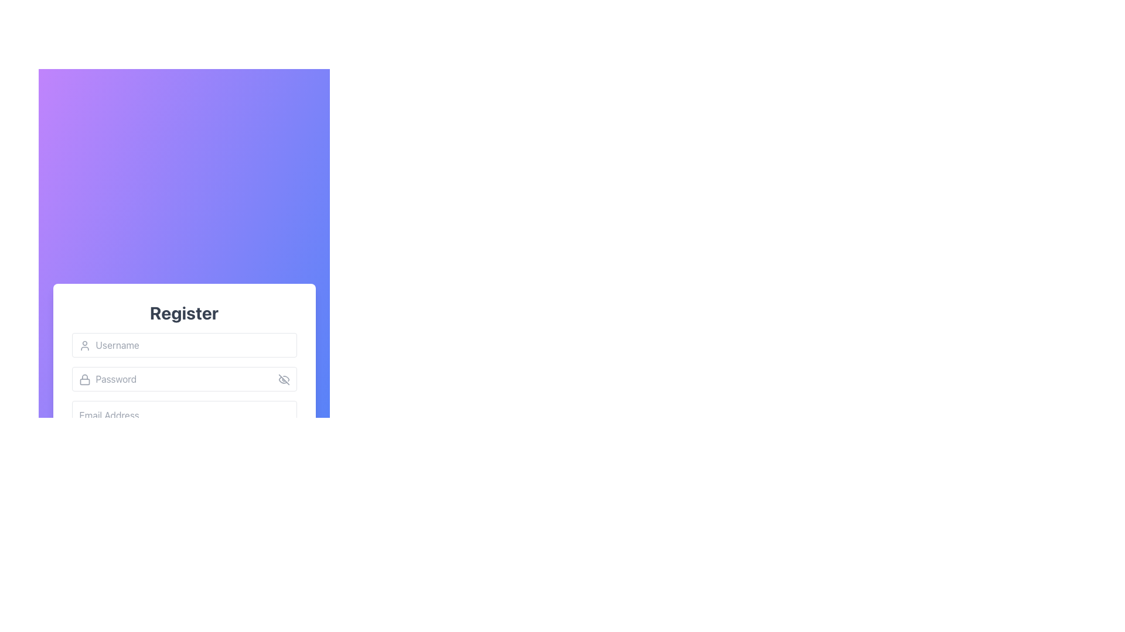 The height and width of the screenshot is (632, 1125). Describe the element at coordinates (84, 379) in the screenshot. I see `the lock icon inside the password input field of the registration form, which is represented by a gray outlined SVG and positioned to the left of the input box` at that location.